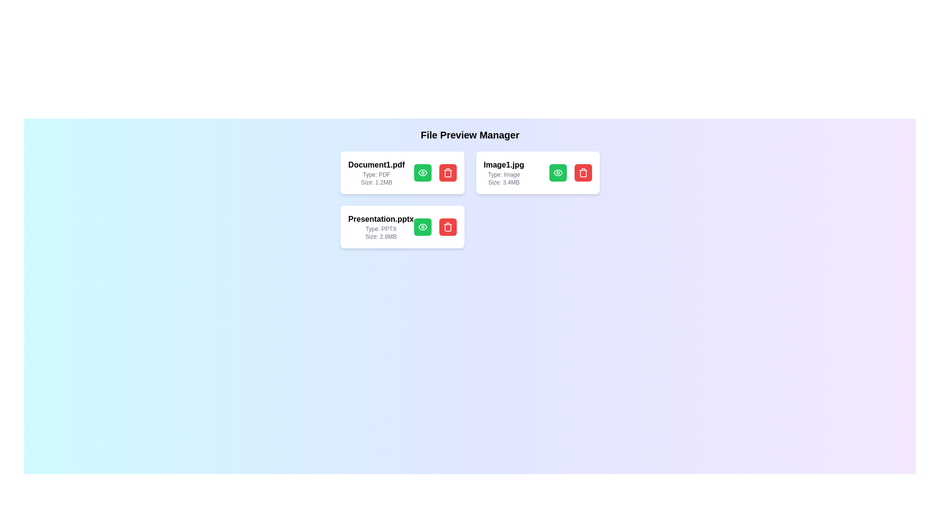 This screenshot has height=523, width=931. I want to click on the decorative 'eye' icon element that indicates a 'view' or 'preview' action for the file labeled 'Image1.jpg', located in the file management section, so click(422, 172).